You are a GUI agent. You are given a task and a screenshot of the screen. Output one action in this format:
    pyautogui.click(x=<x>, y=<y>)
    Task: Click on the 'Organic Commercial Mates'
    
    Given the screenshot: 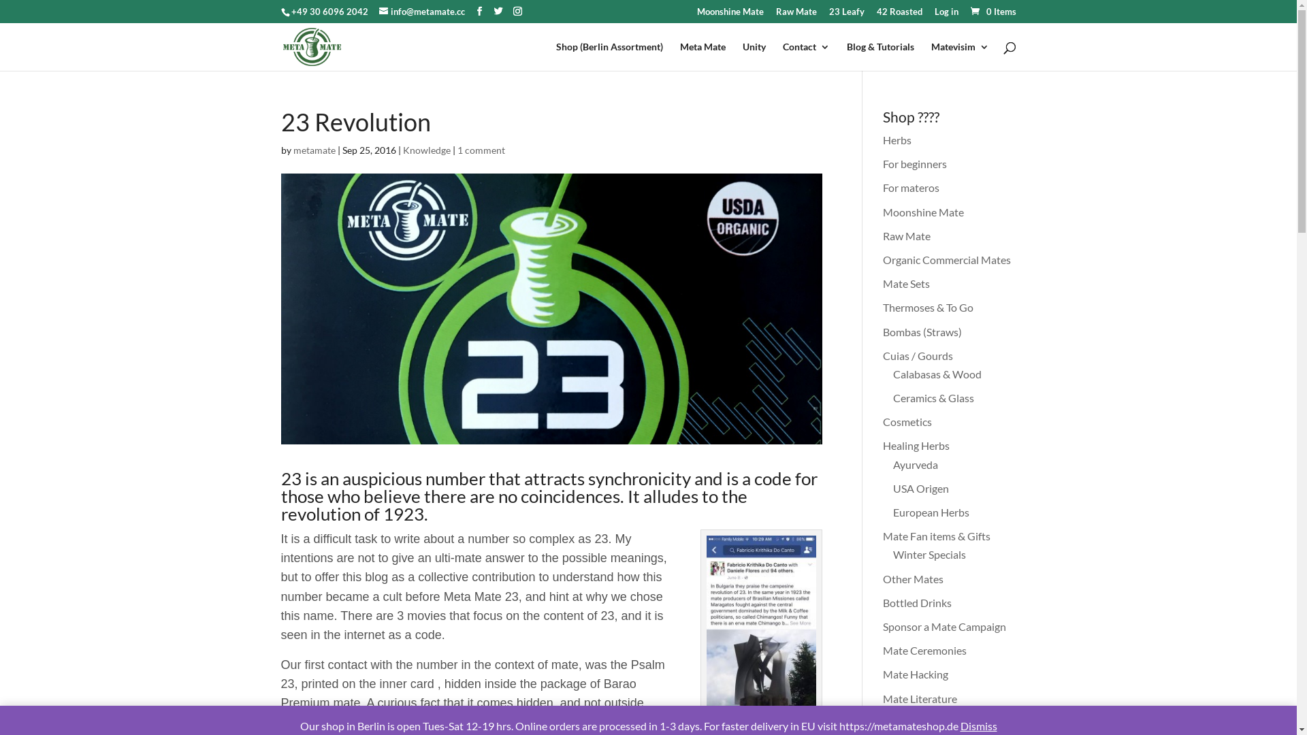 What is the action you would take?
    pyautogui.click(x=882, y=259)
    